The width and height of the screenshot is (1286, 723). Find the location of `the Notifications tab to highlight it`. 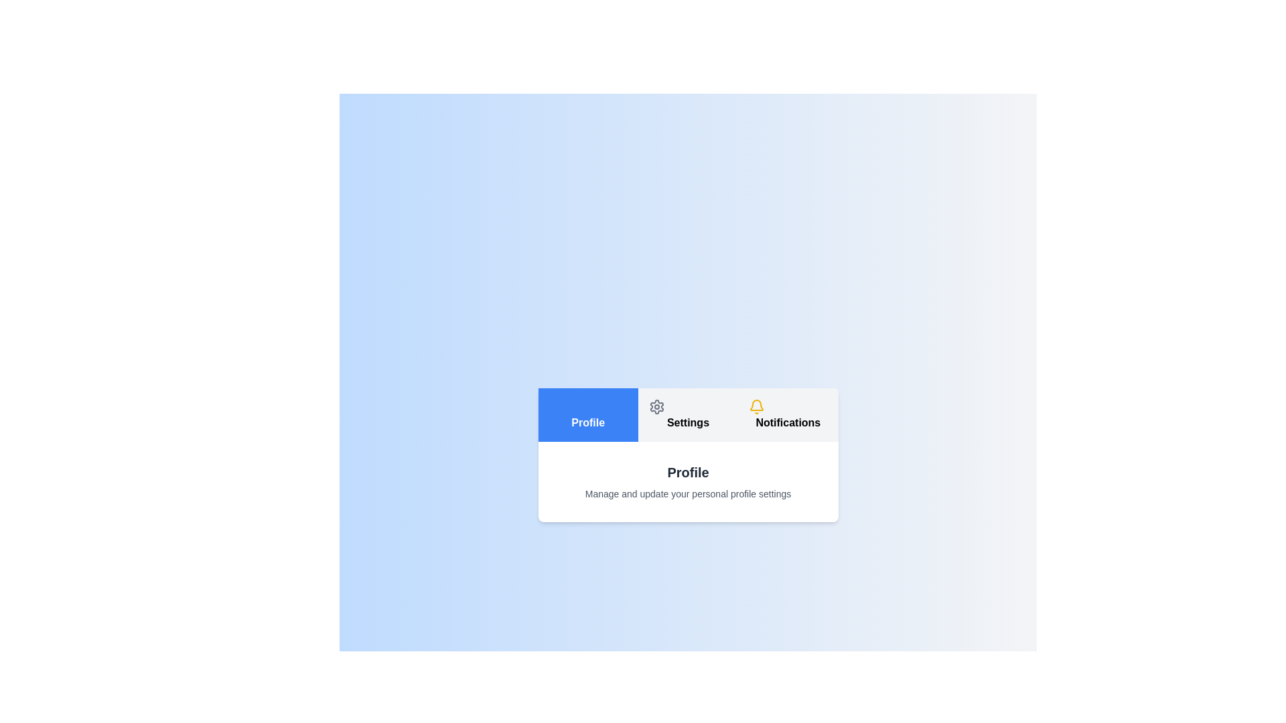

the Notifications tab to highlight it is located at coordinates (788, 414).